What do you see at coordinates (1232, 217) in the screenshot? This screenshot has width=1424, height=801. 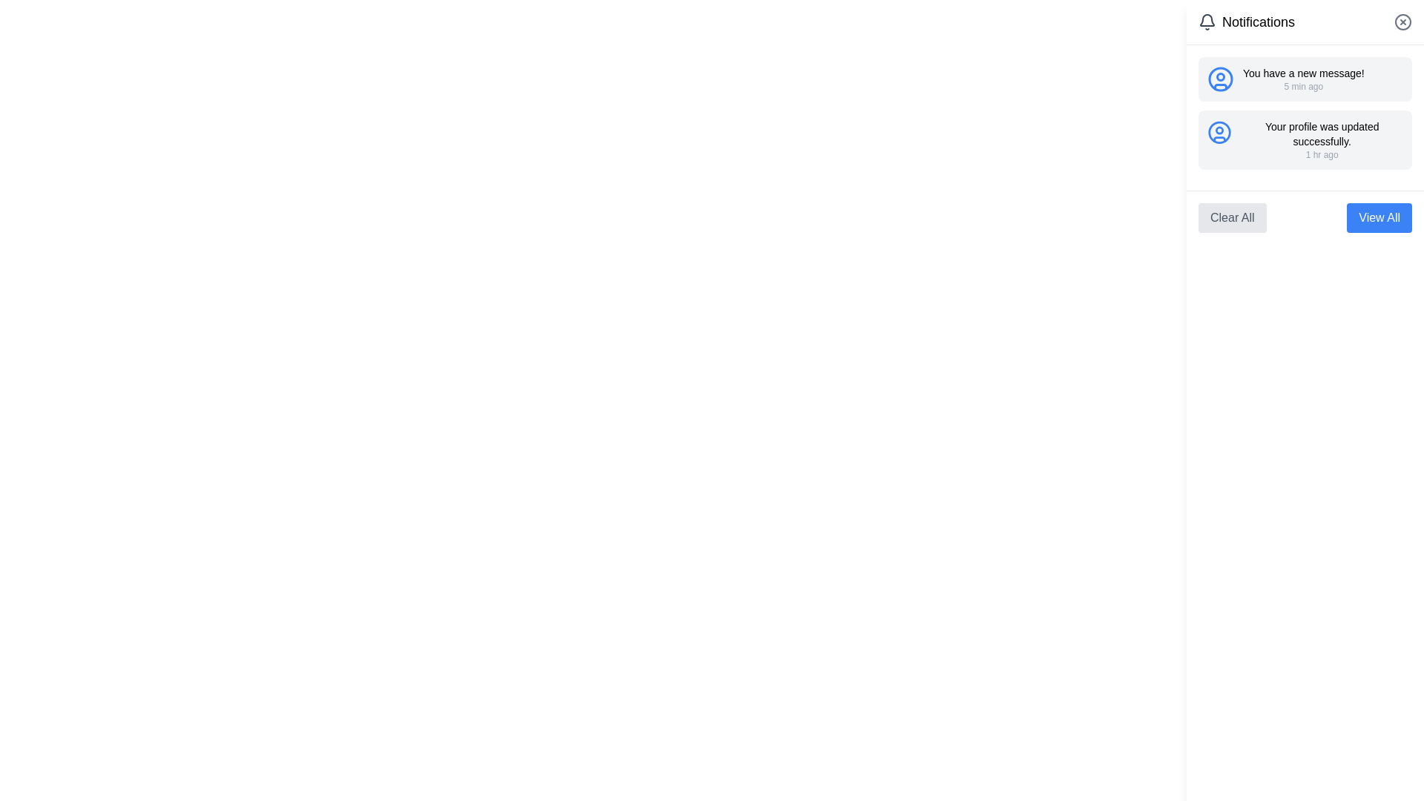 I see `the button located in the footer section of the notification panel to clear all notifications, positioned to the left of the 'View All' button` at bounding box center [1232, 217].